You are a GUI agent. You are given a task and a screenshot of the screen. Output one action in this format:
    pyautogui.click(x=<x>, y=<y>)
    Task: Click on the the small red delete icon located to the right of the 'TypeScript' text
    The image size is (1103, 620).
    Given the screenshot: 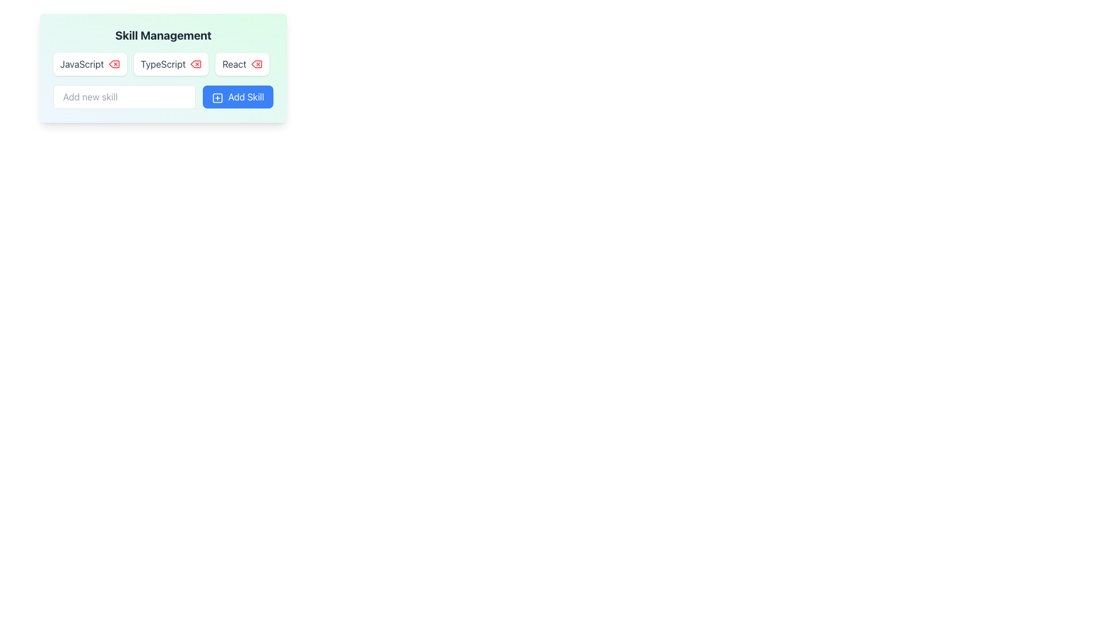 What is the action you would take?
    pyautogui.click(x=196, y=64)
    